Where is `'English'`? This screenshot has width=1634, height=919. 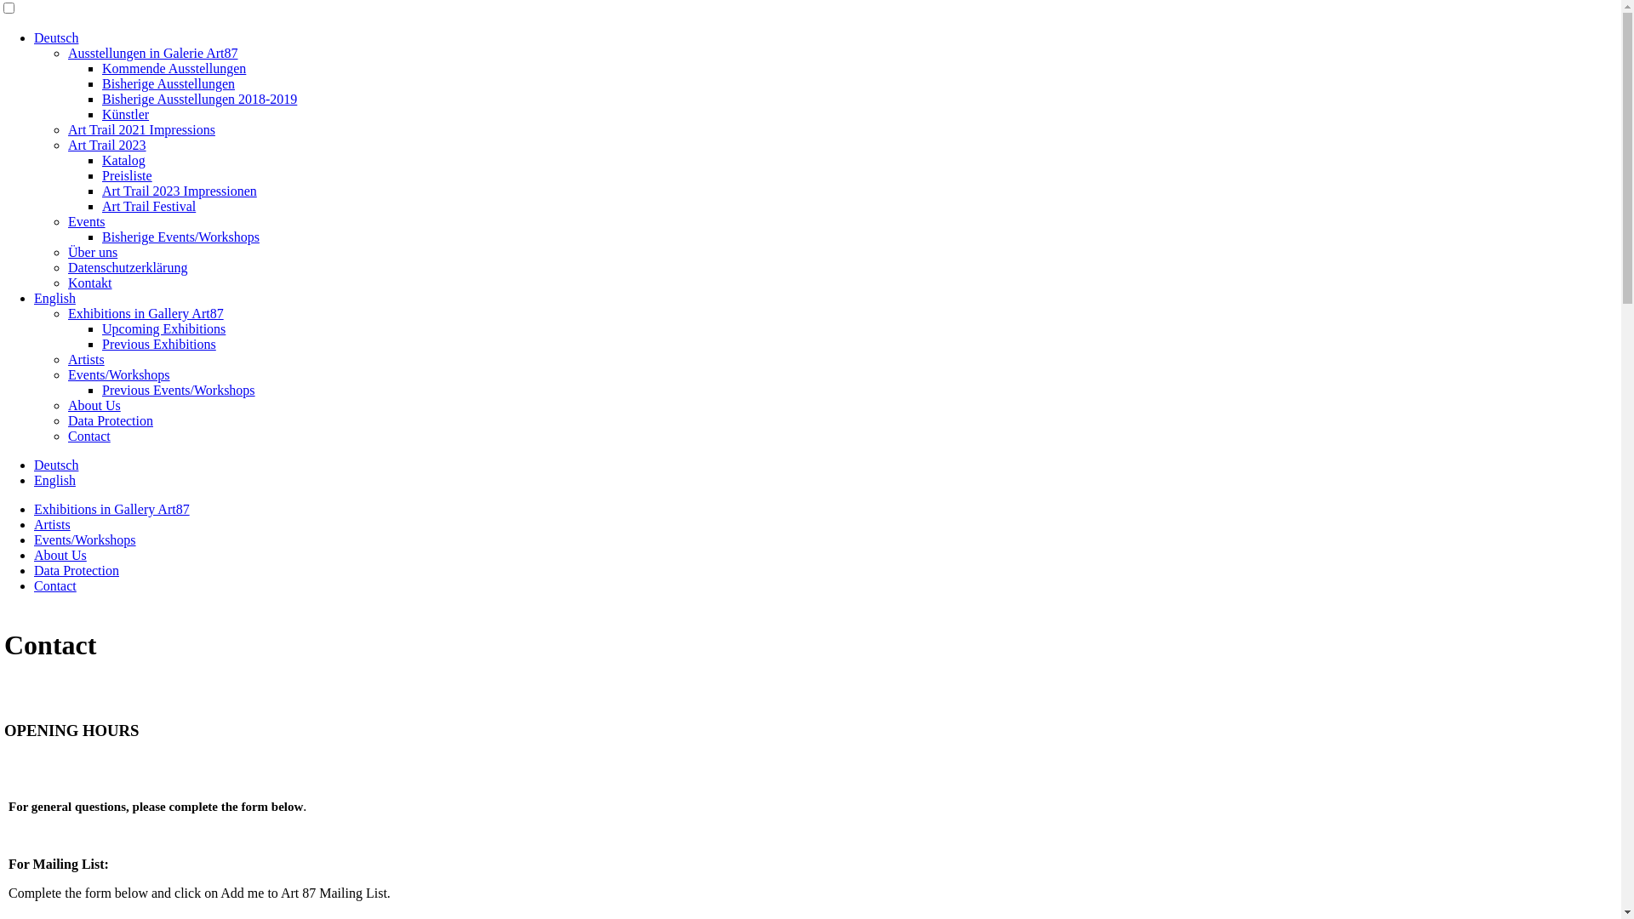 'English' is located at coordinates (54, 480).